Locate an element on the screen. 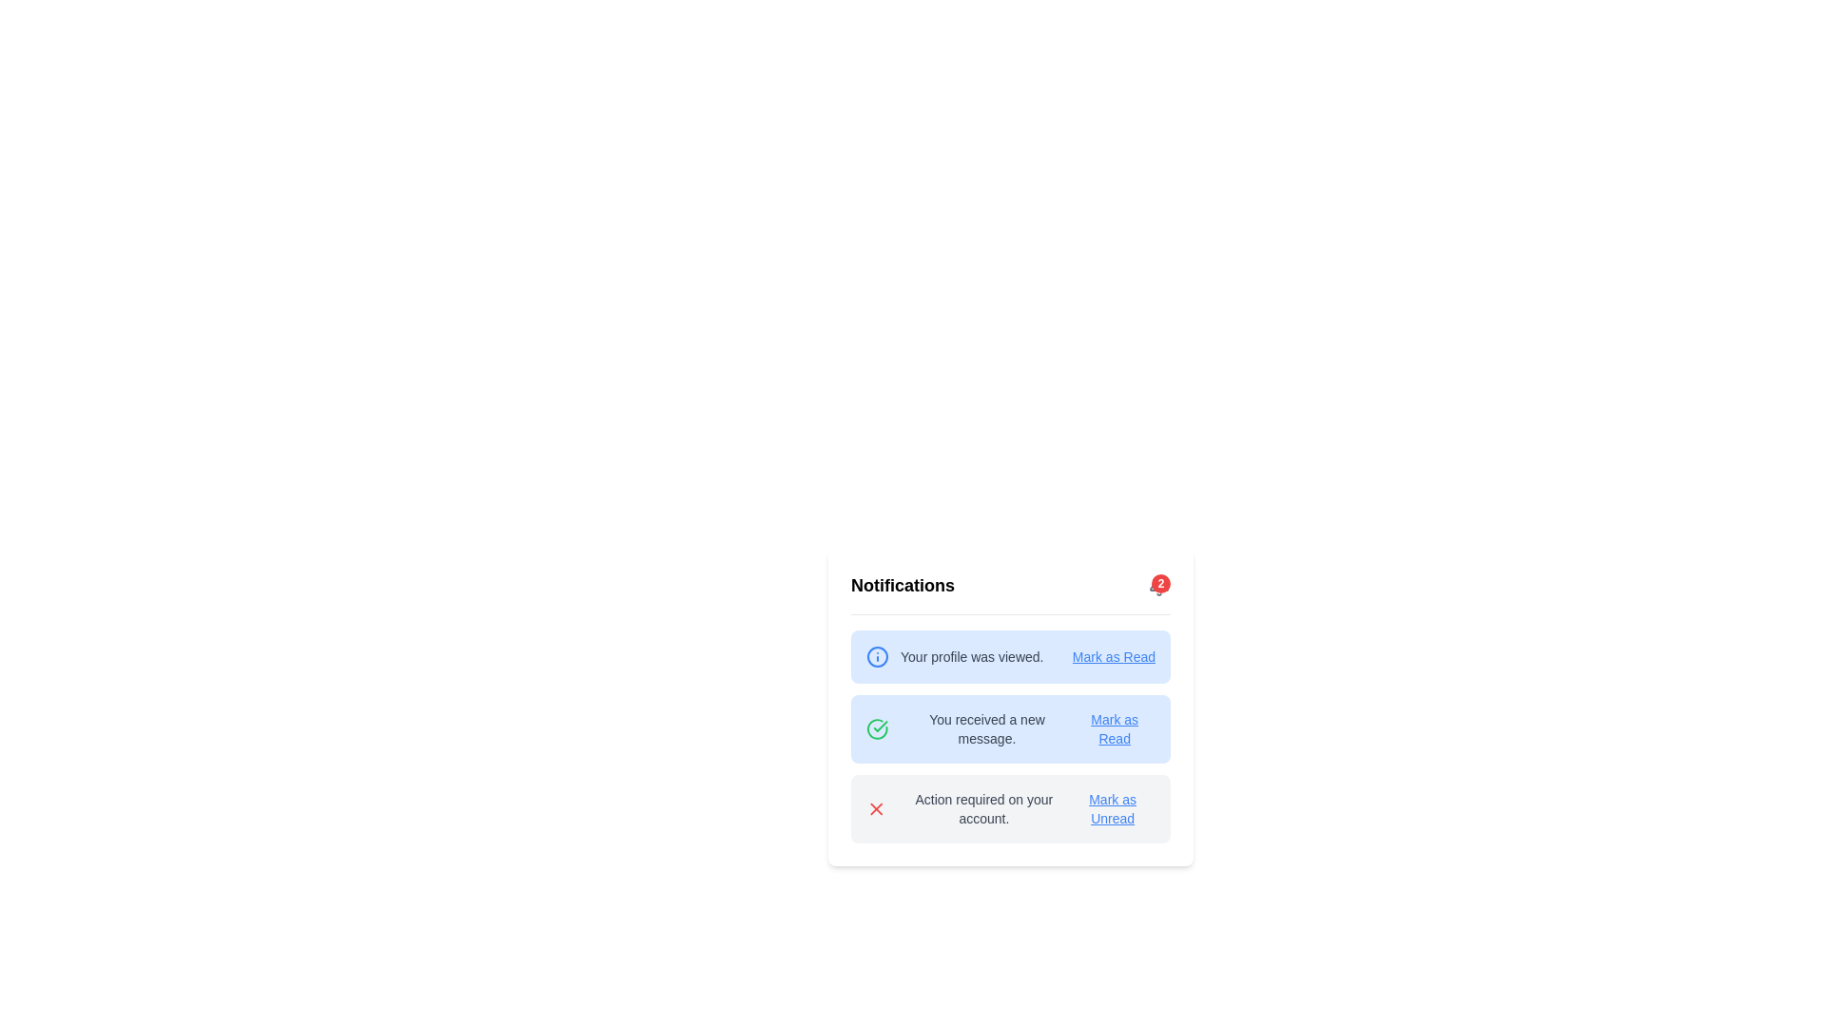  the text element reading 'Action required on your account.' within the notification card to interact with it is located at coordinates (982, 809).